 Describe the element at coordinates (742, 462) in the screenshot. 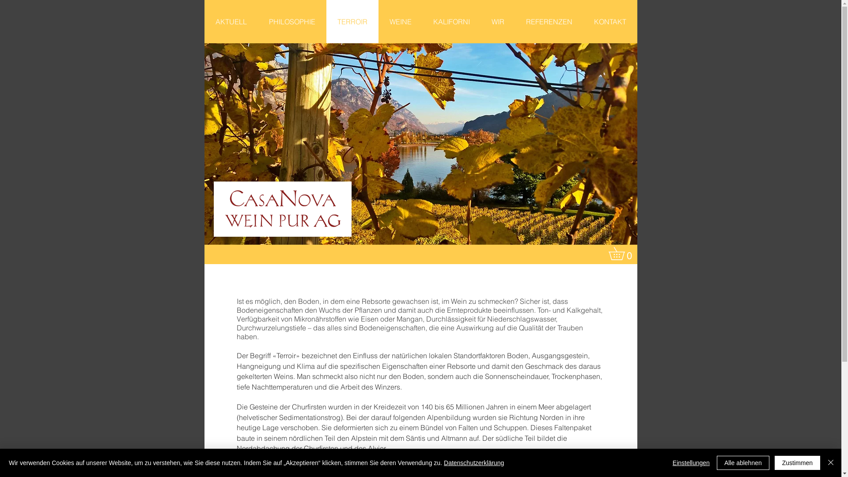

I see `'Alle ablehnen'` at that location.